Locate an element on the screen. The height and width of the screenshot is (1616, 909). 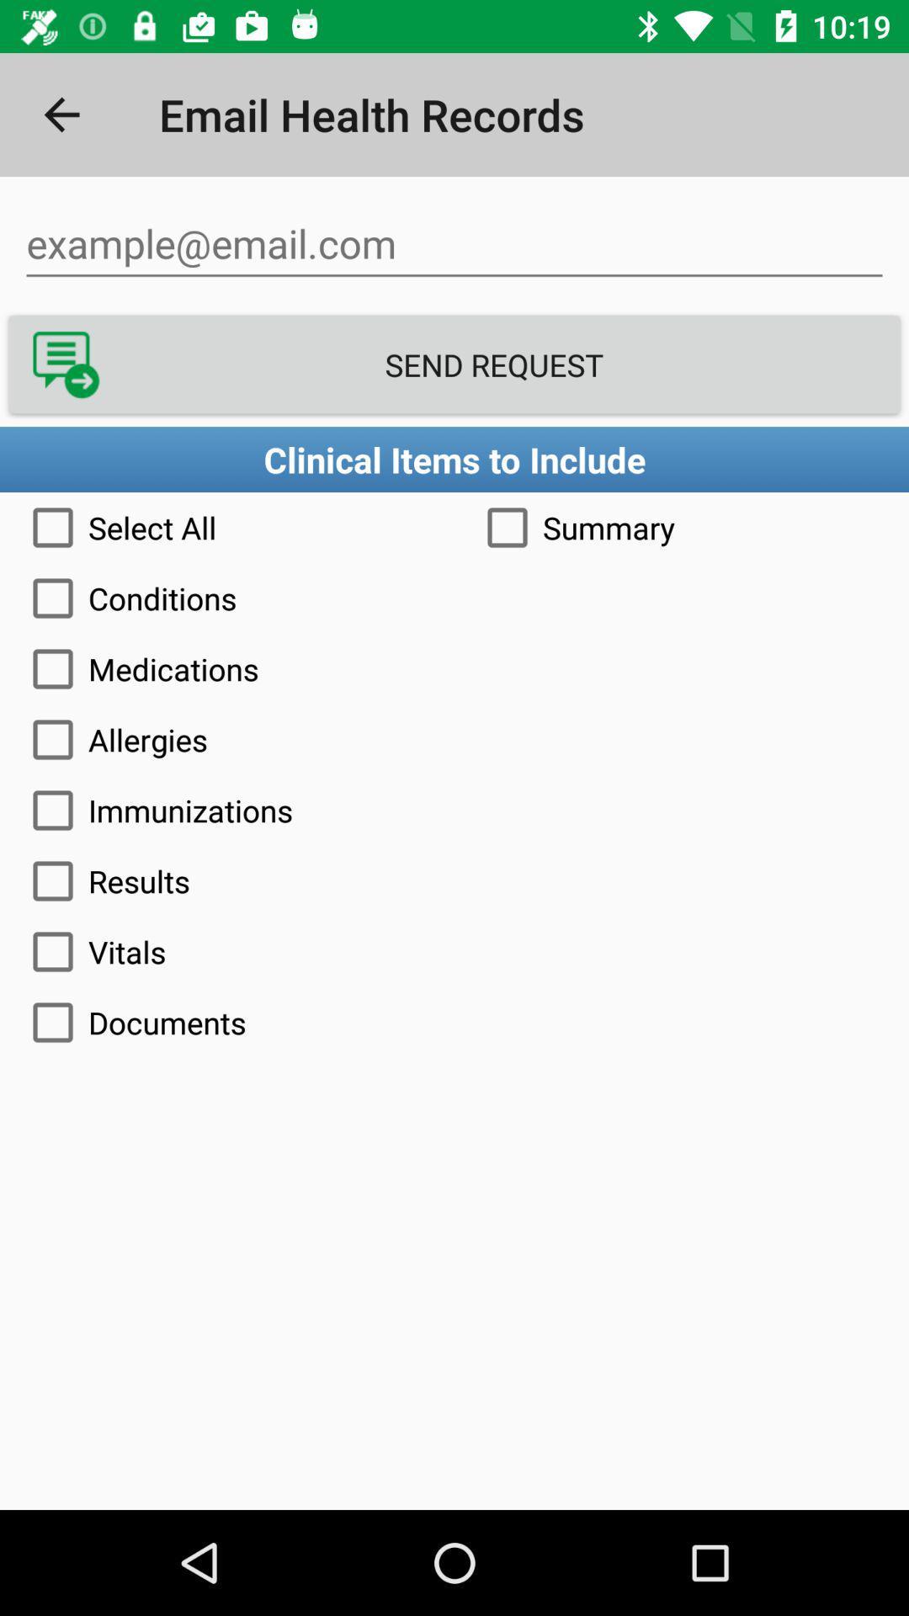
vitals icon is located at coordinates (454, 952).